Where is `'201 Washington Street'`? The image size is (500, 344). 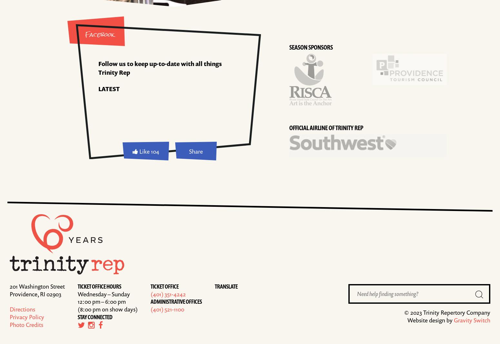 '201 Washington Street' is located at coordinates (37, 286).